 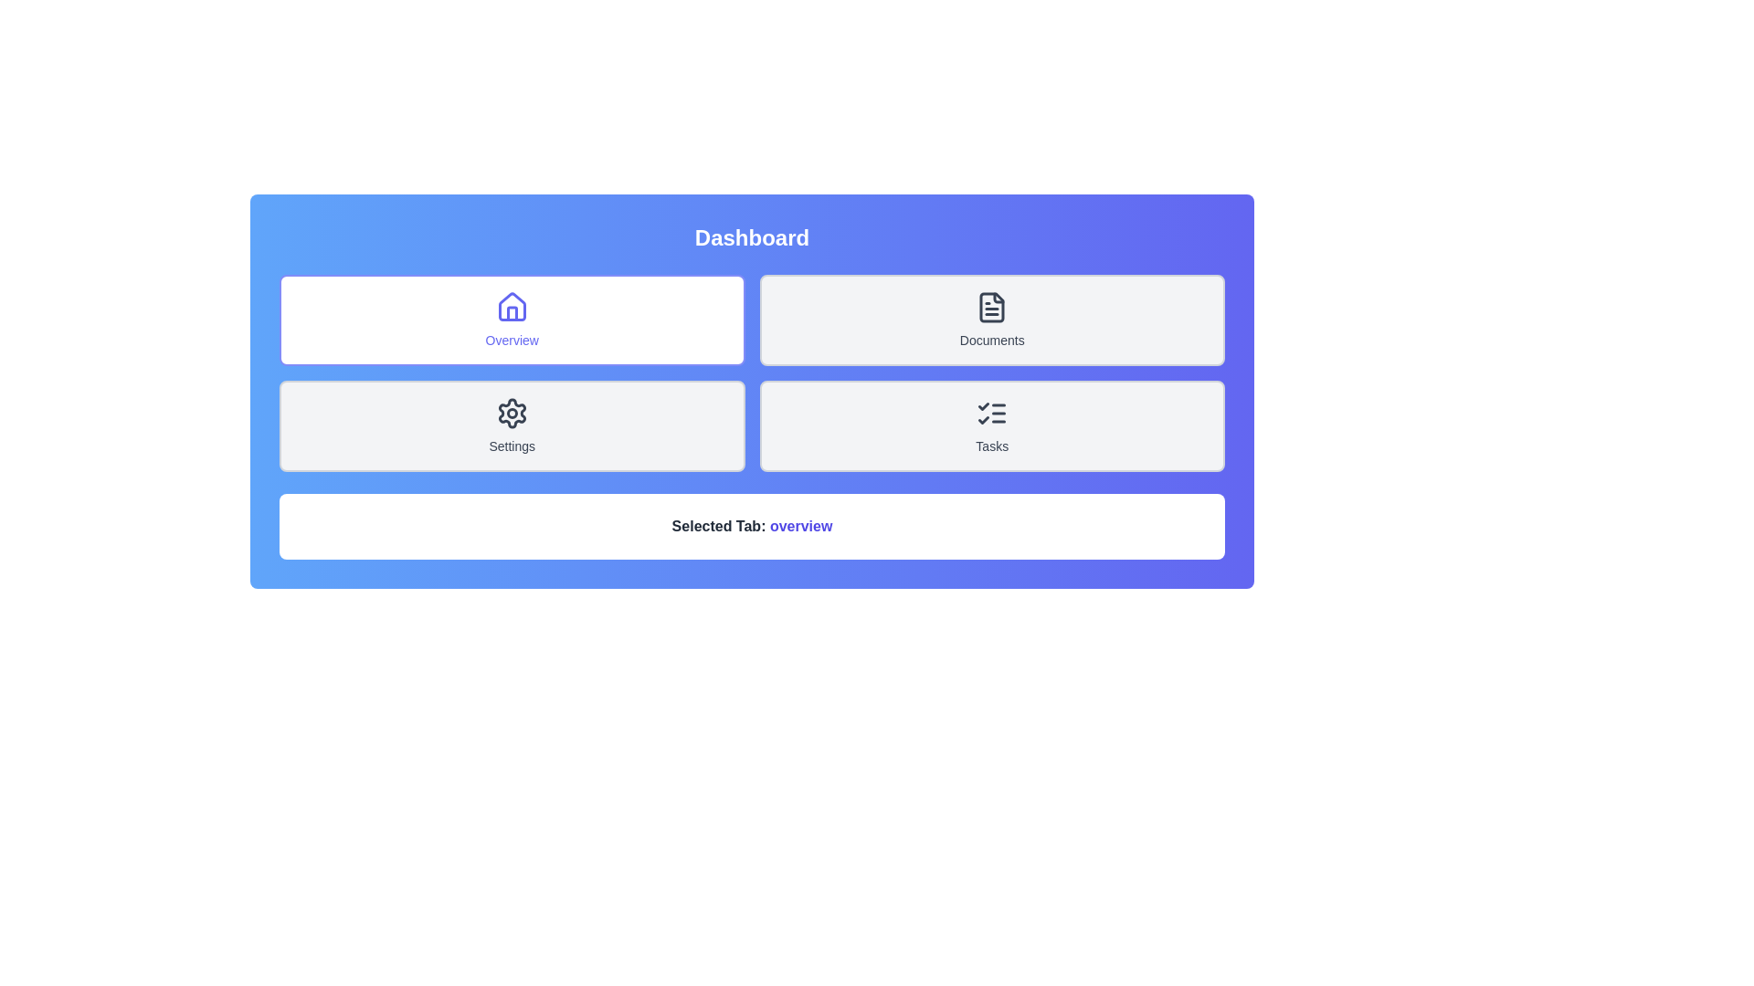 I want to click on the decorative file icon that represents the 'Documents' button, located in the second column of the upper row of the grid, so click(x=991, y=306).